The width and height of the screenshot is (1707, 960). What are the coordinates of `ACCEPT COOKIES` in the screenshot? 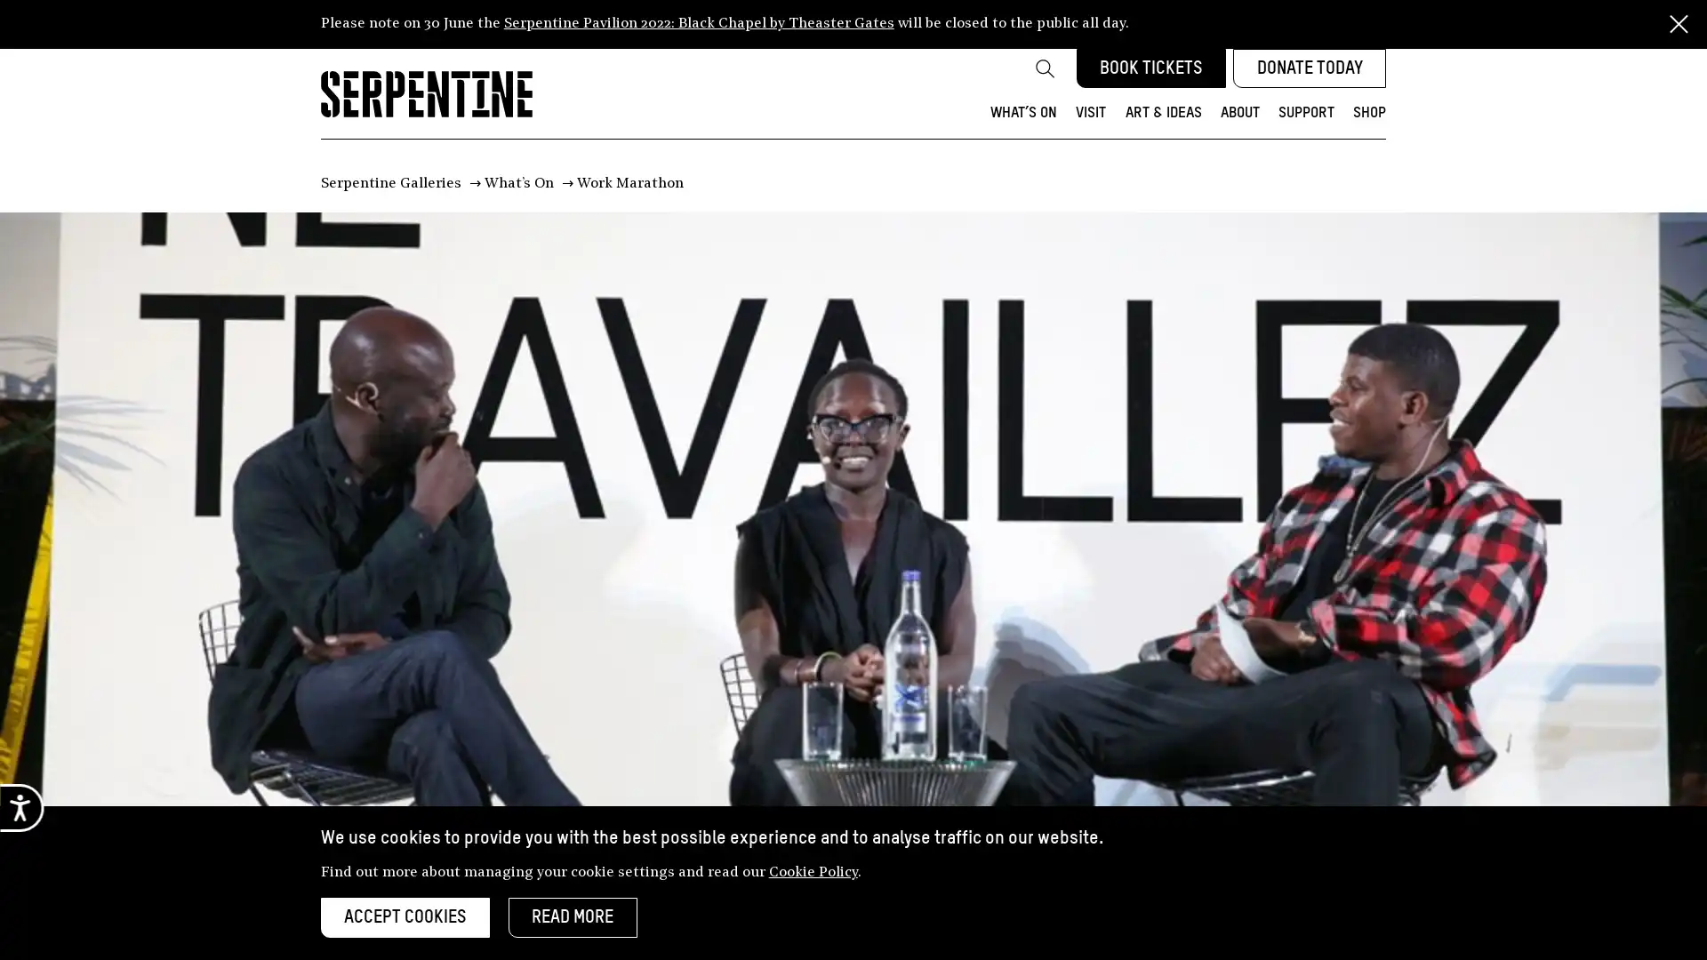 It's located at (404, 917).